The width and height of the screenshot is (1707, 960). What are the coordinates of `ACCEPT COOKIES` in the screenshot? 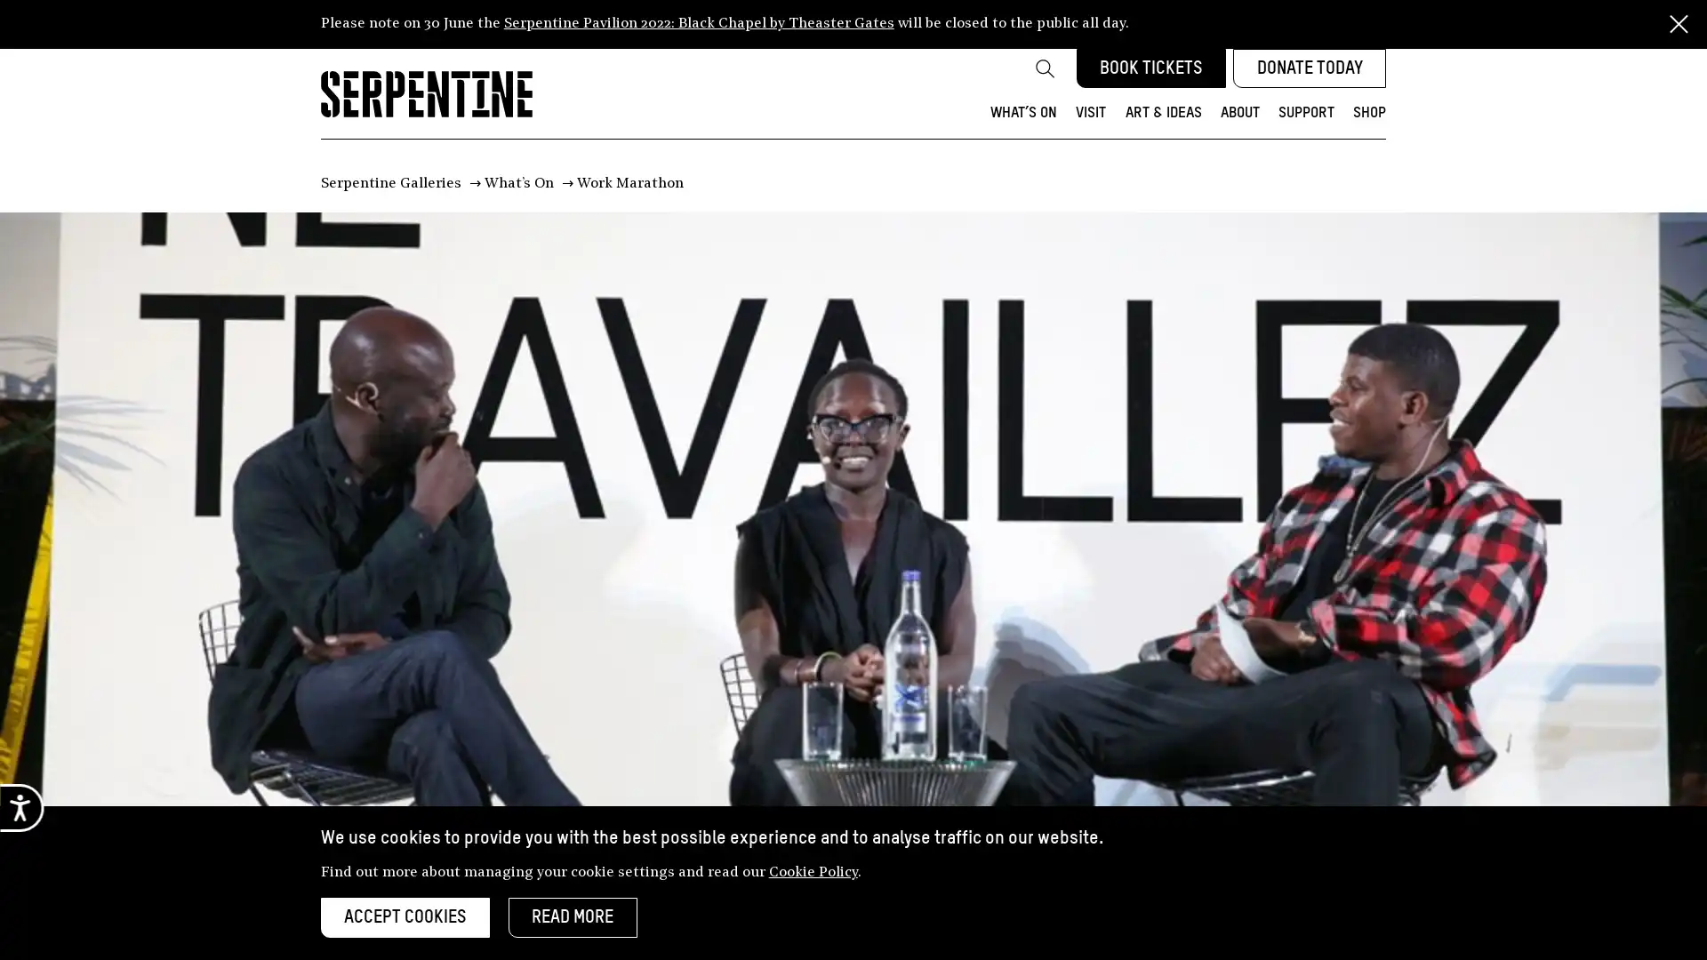 It's located at (404, 917).